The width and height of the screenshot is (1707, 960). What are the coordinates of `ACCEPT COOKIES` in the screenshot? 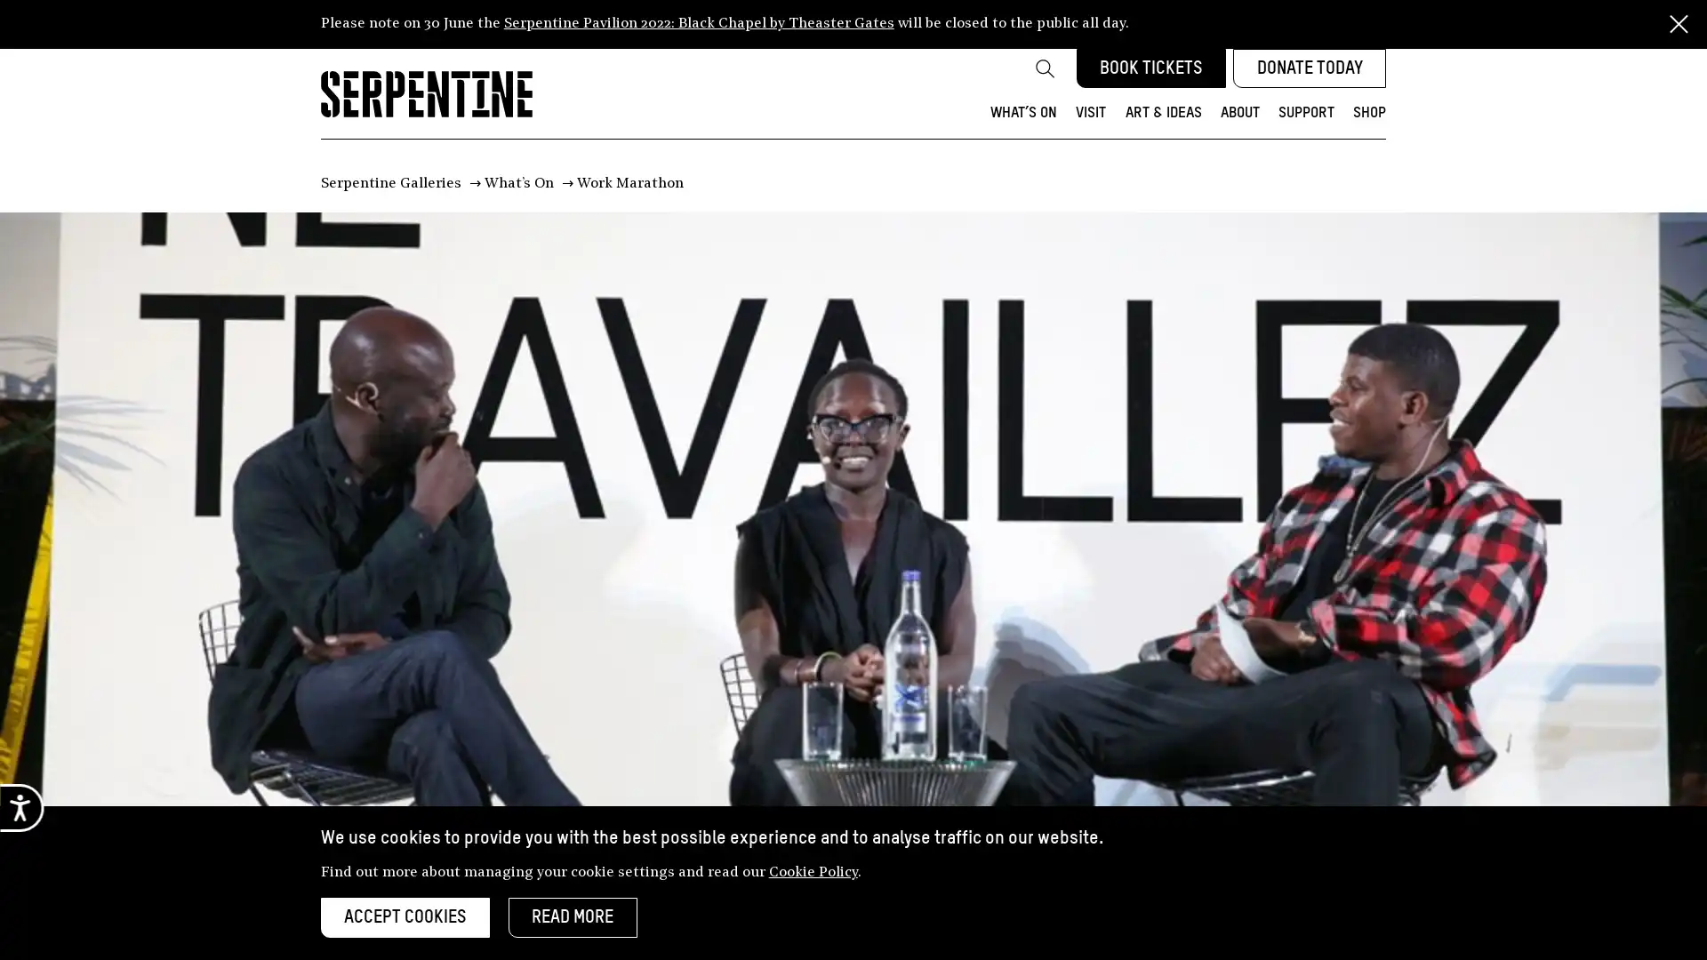 It's located at (404, 917).